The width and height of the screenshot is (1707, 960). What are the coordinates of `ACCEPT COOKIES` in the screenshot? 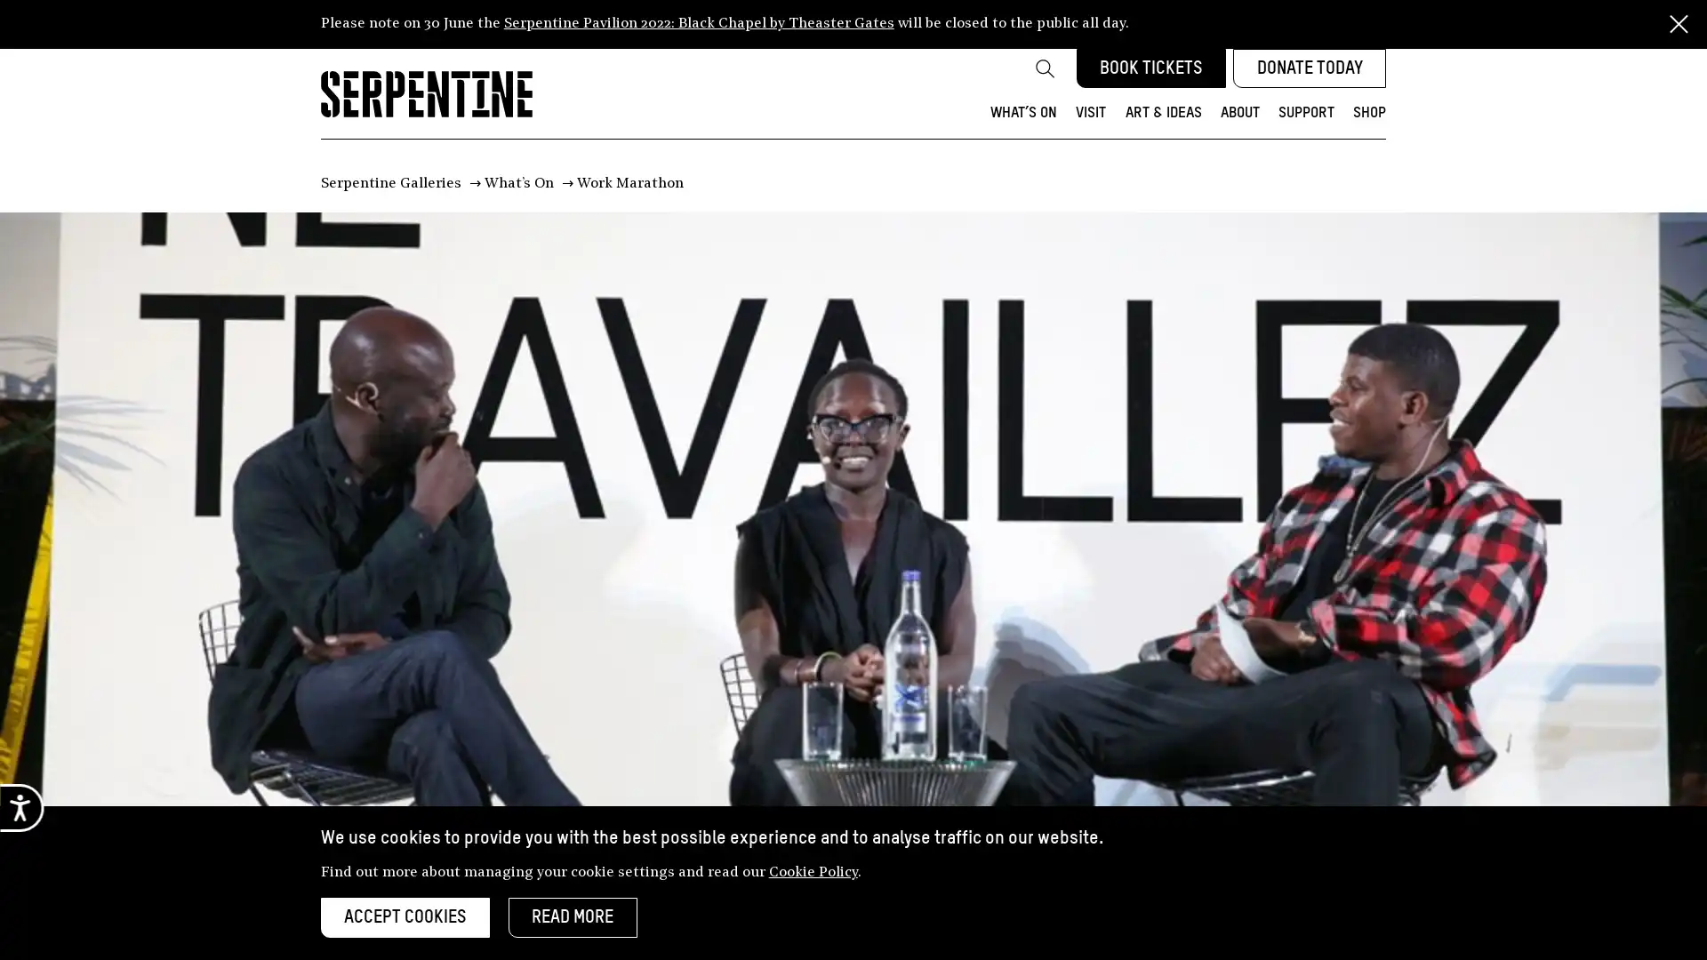 It's located at (404, 917).